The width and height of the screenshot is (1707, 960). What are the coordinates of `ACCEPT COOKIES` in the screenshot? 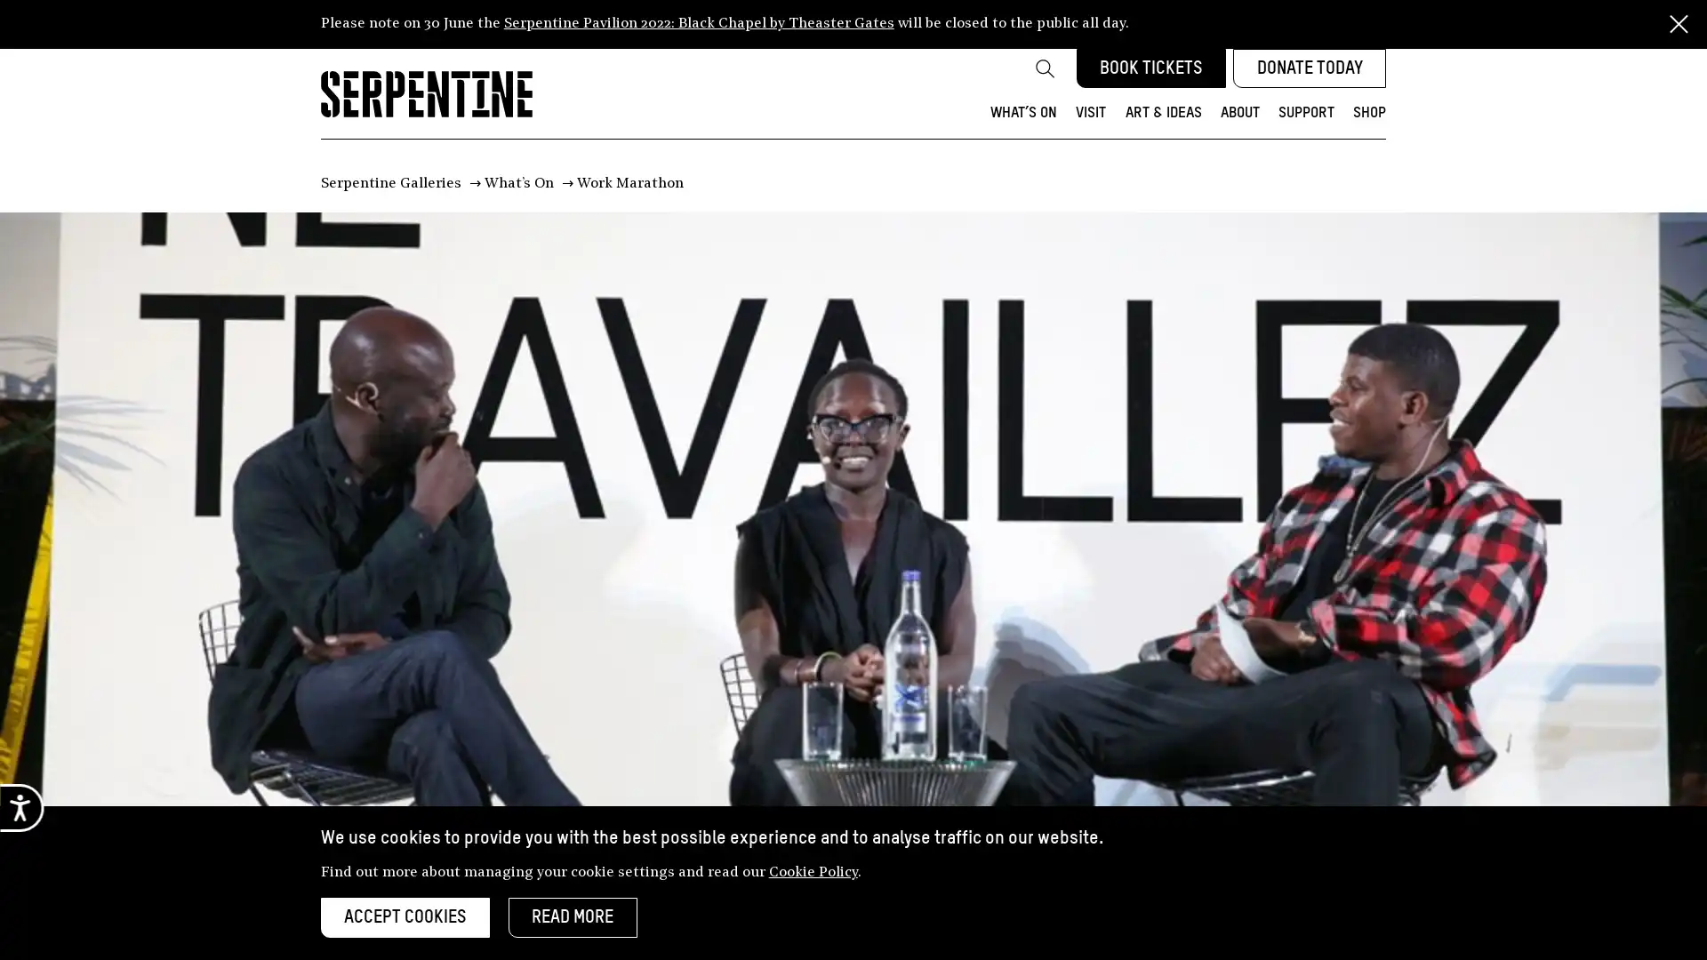 It's located at (404, 917).